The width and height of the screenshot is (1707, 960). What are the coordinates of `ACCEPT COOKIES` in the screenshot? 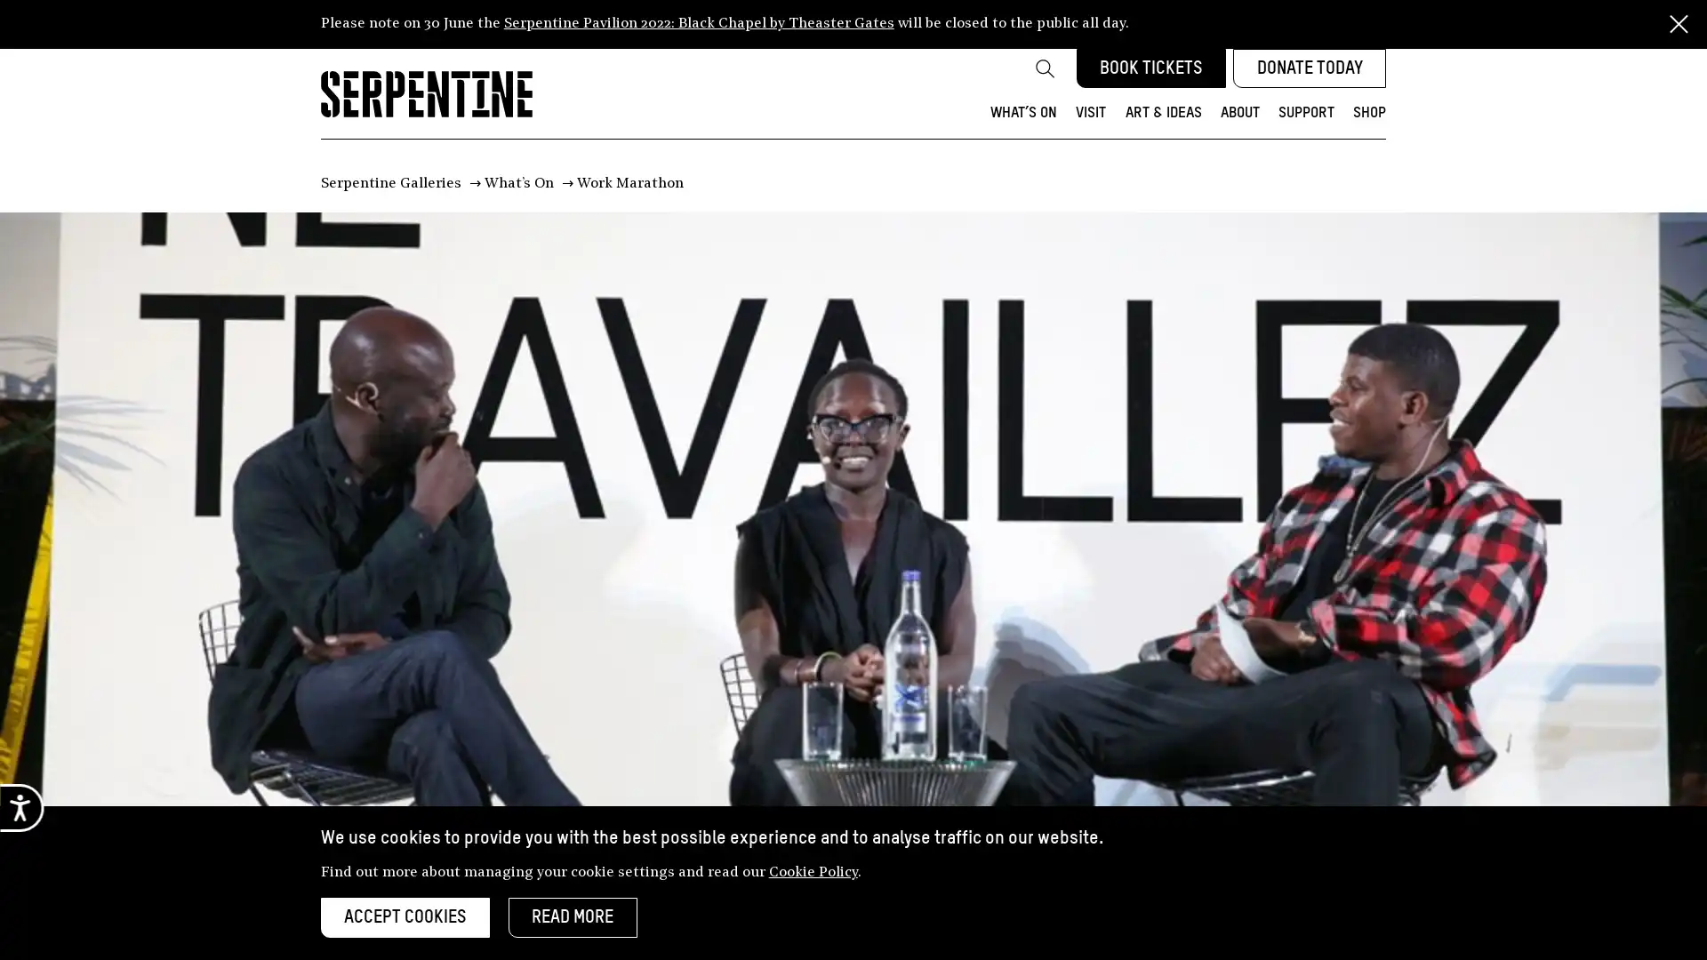 It's located at (404, 917).